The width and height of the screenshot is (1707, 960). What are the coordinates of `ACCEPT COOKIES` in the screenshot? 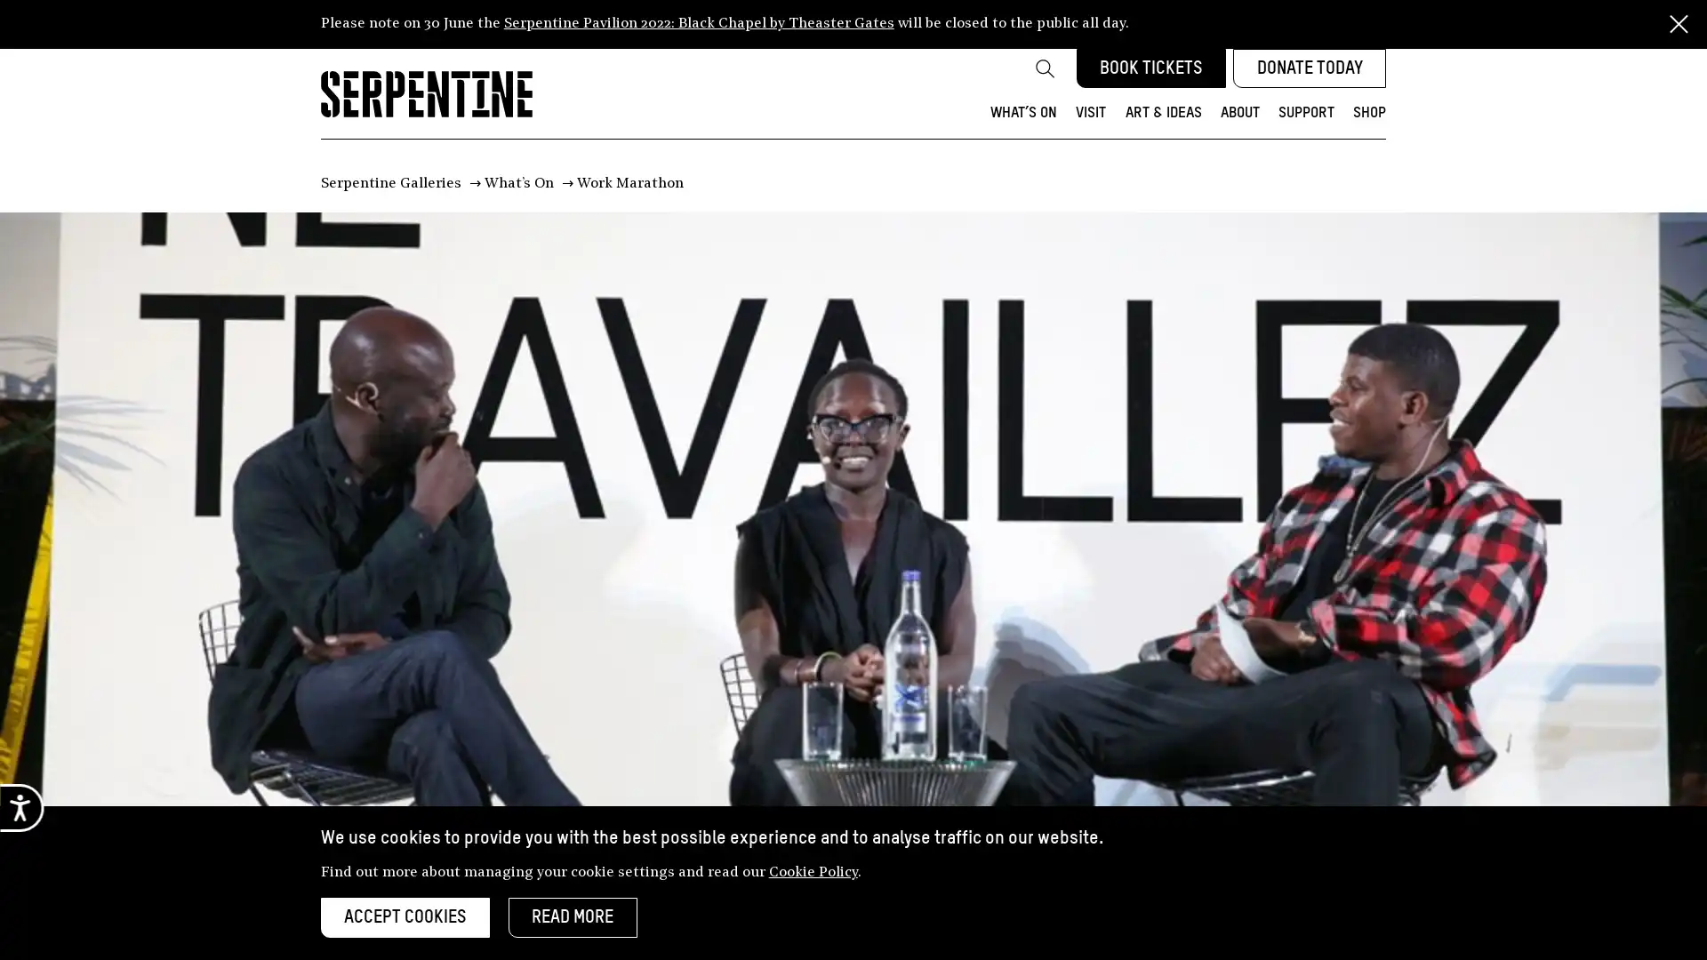 It's located at (404, 917).